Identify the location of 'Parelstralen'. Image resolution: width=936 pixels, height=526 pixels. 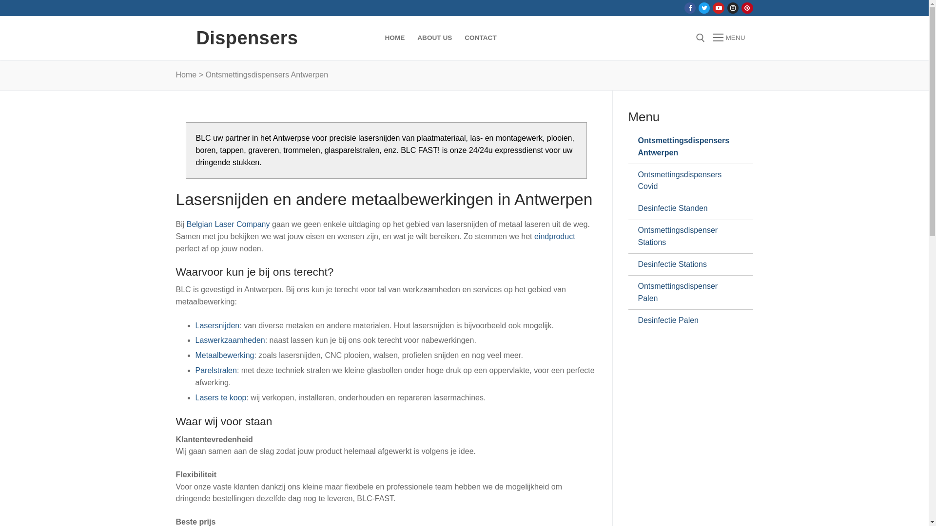
(195, 370).